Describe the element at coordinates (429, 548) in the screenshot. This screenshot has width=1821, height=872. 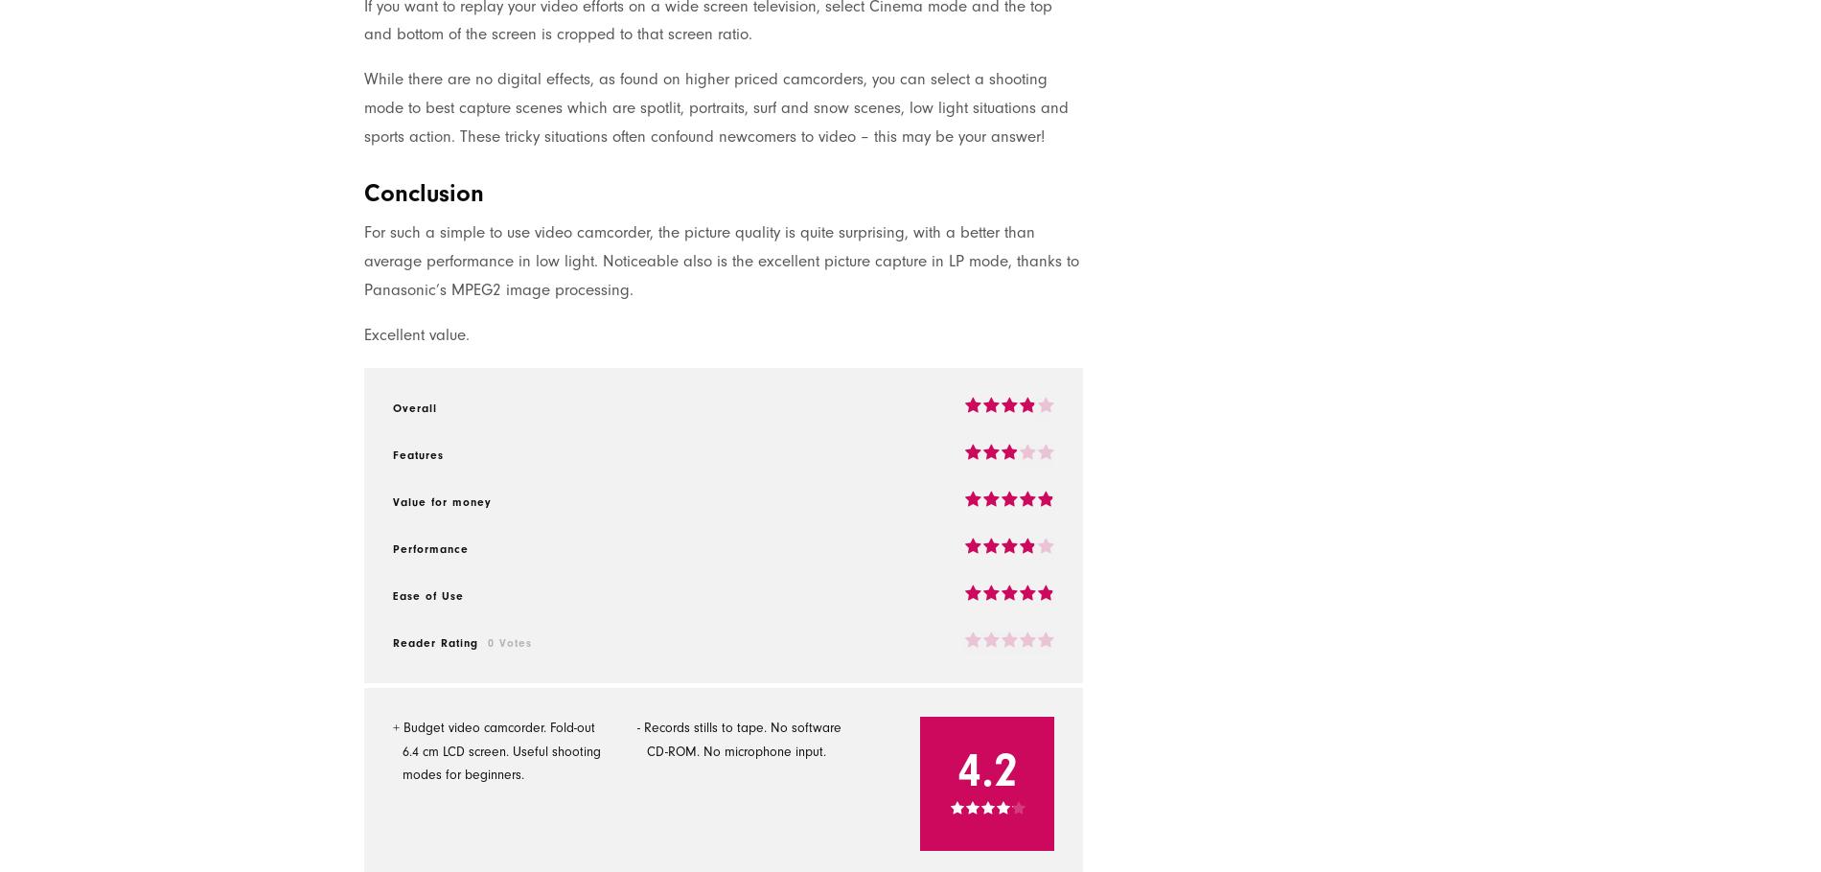
I see `'Performance'` at that location.